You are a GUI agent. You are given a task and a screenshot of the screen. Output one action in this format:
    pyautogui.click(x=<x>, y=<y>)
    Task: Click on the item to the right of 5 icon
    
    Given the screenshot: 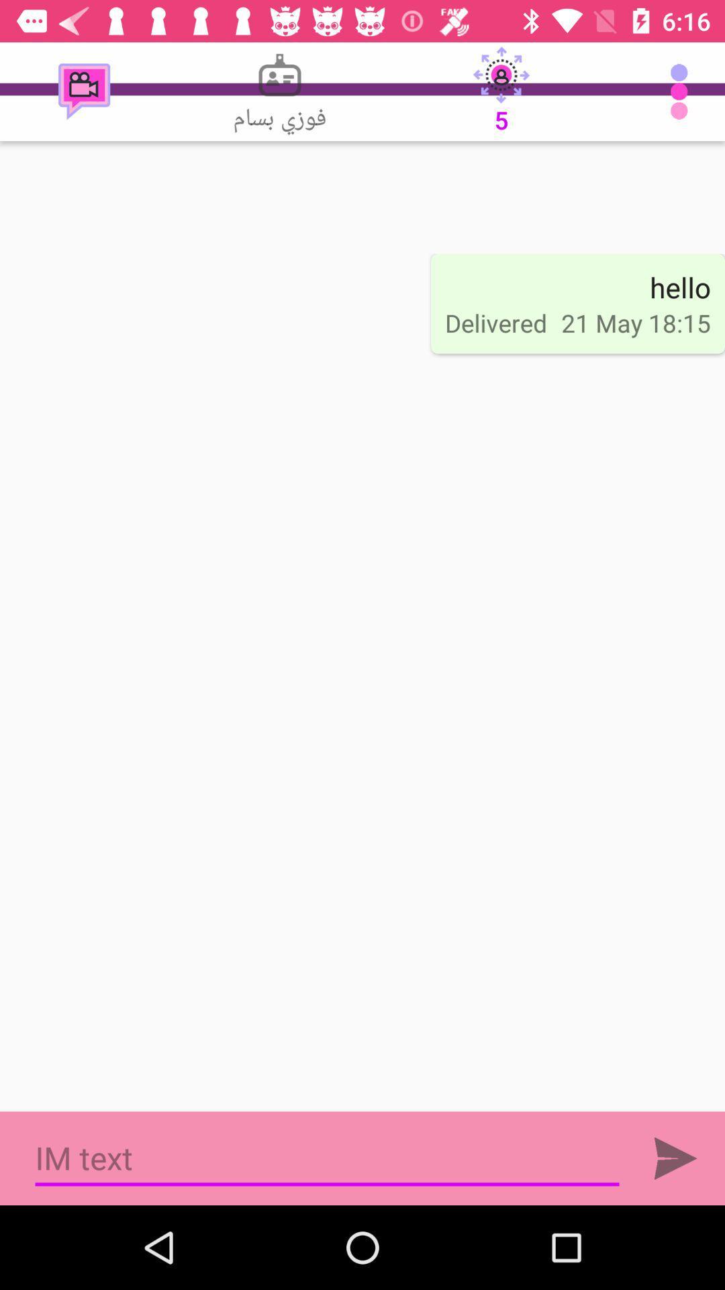 What is the action you would take?
    pyautogui.click(x=683, y=91)
    